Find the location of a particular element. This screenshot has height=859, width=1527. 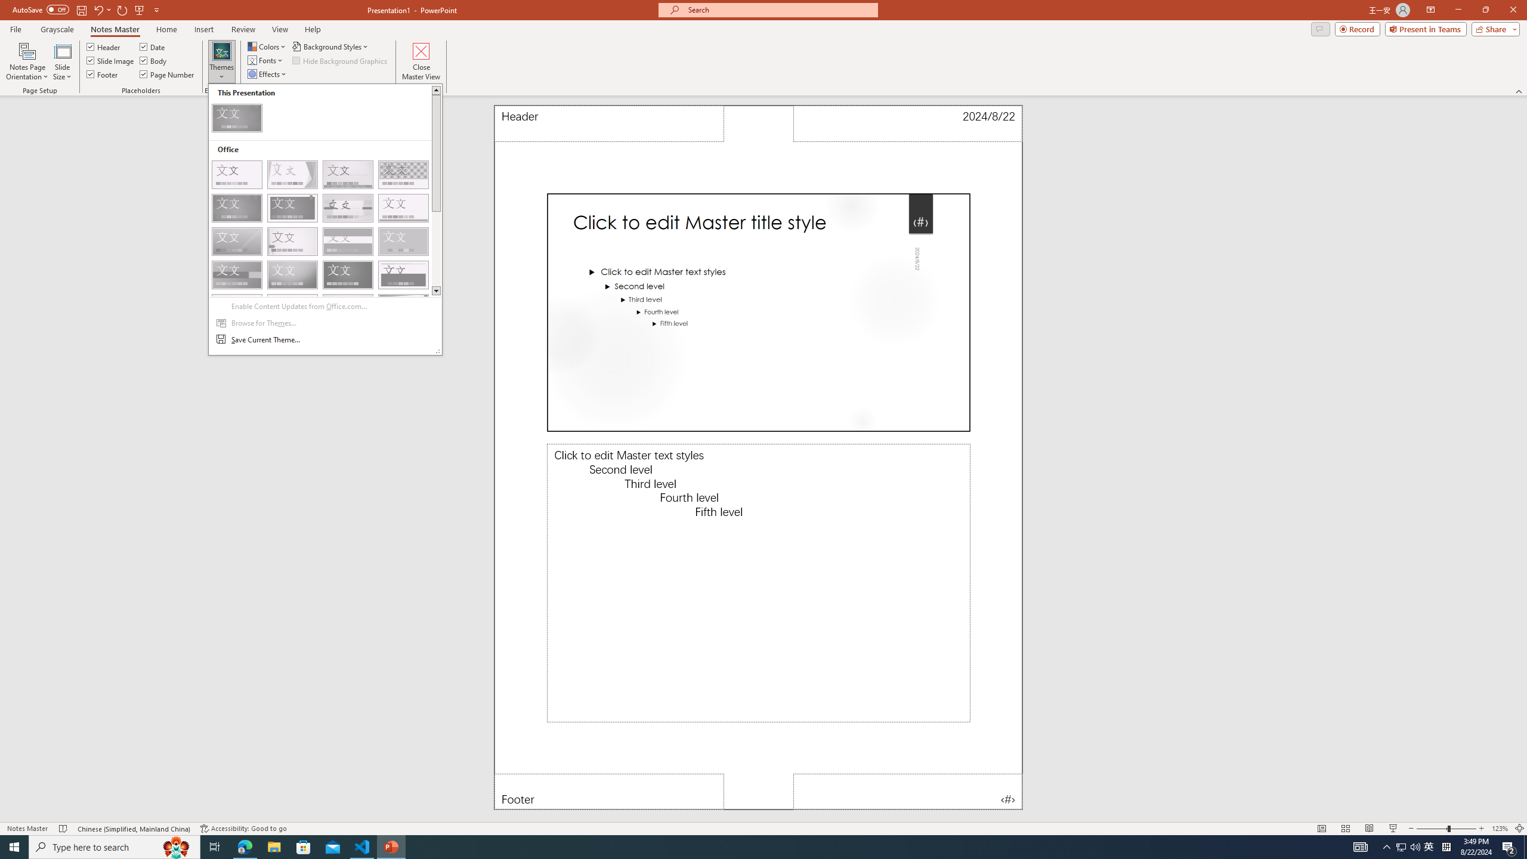

'Hide Background Graphics' is located at coordinates (340, 59).